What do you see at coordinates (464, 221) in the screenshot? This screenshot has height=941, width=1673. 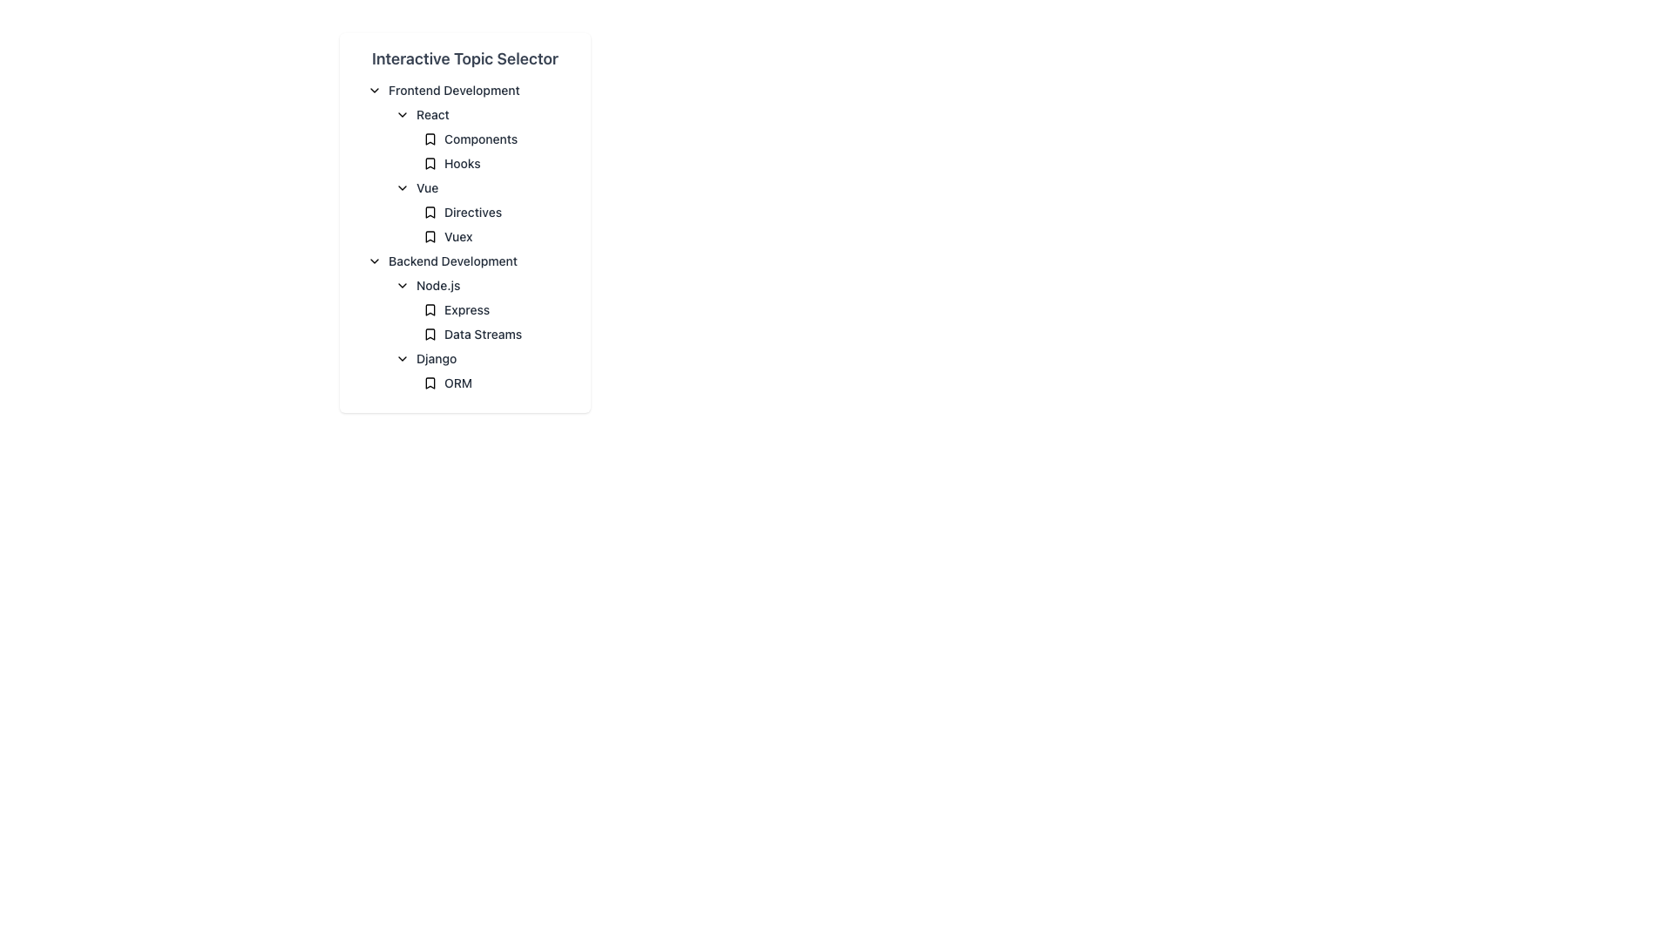 I see `the subtopics in the collapsible list component for various programming topics` at bounding box center [464, 221].